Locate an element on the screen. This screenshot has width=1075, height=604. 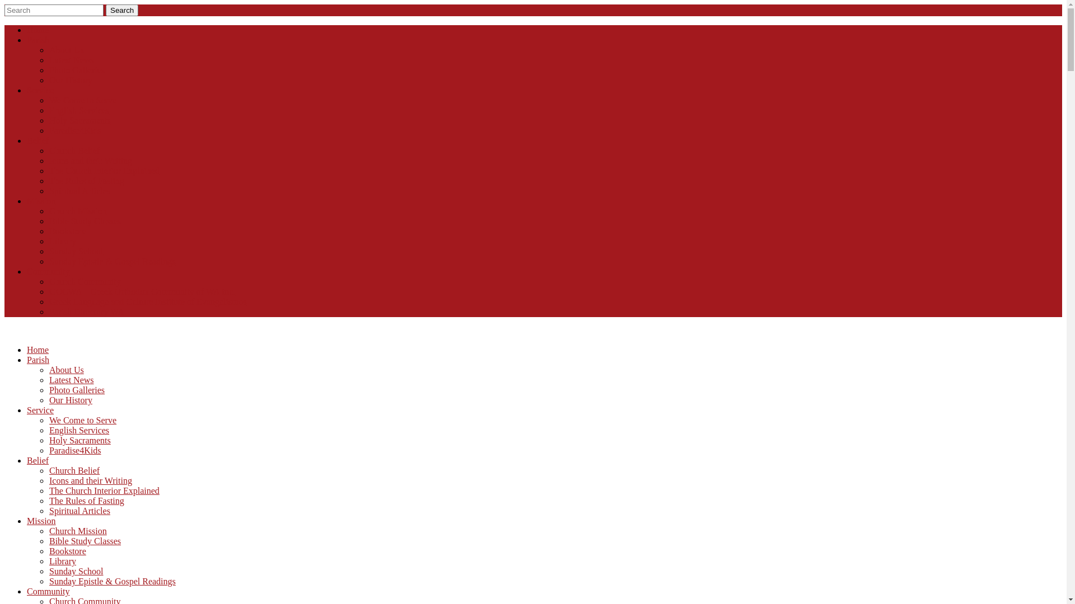
'Photo Galleries' is located at coordinates (76, 389).